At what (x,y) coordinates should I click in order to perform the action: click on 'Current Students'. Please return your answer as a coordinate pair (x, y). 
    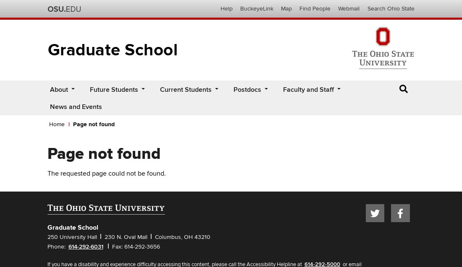
    Looking at the image, I should click on (185, 89).